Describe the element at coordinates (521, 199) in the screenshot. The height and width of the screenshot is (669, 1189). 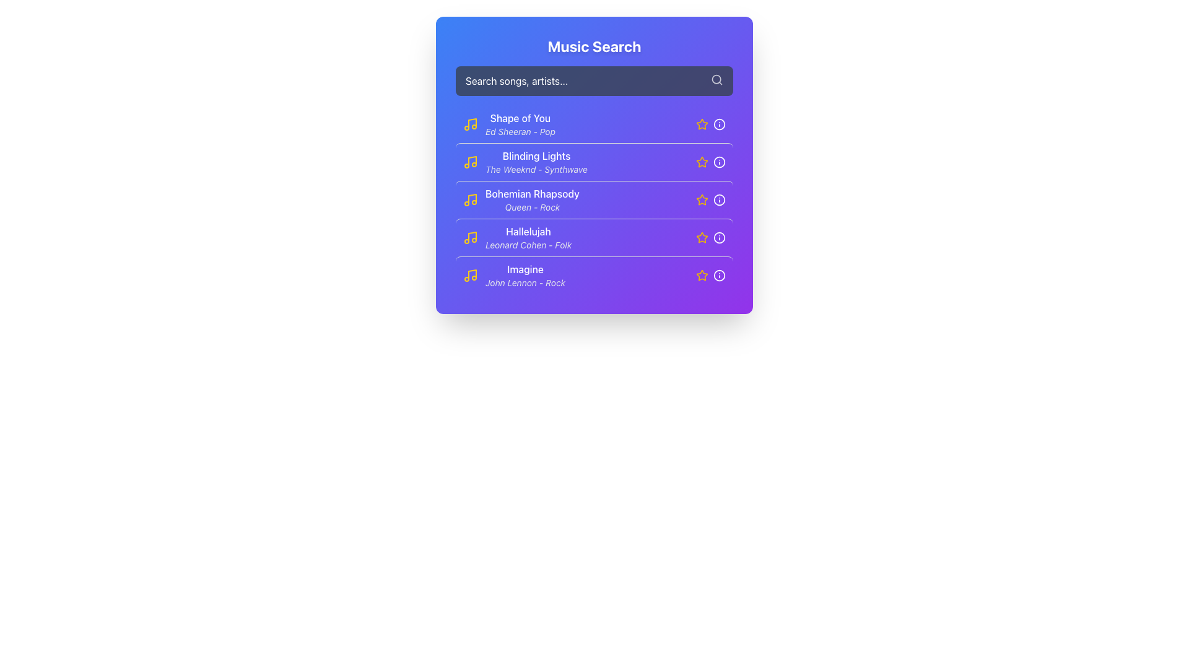
I see `the text block displaying the song entry 'Bohemian Rhapsody' with the subtitle 'Queen - Rock' and associated music note icon` at that location.